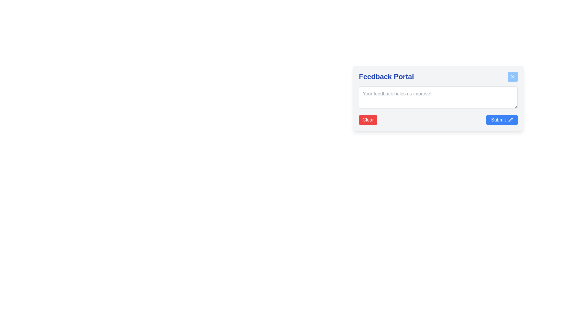 This screenshot has width=570, height=320. I want to click on the submit button located at the bottom-right corner of the 'Feedback Portal' form, so click(502, 120).